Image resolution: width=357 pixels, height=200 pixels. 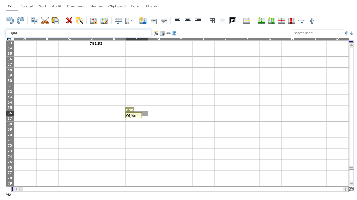 What do you see at coordinates (203, 184) in the screenshot?
I see `I79` at bounding box center [203, 184].